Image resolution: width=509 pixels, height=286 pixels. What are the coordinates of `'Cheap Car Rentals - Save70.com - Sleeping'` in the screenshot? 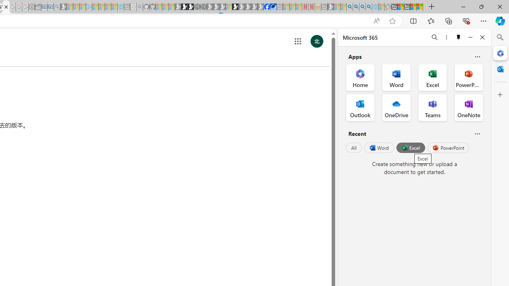 It's located at (50, 7).